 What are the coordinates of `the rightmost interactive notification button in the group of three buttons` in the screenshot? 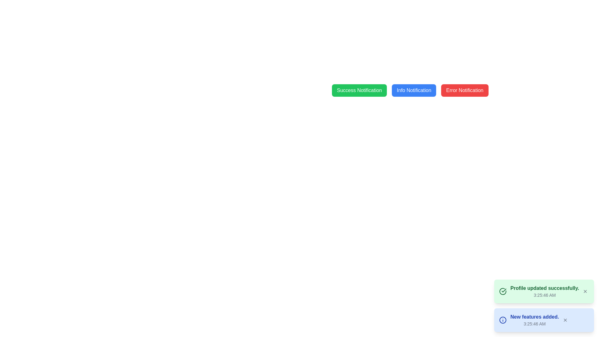 It's located at (465, 90).